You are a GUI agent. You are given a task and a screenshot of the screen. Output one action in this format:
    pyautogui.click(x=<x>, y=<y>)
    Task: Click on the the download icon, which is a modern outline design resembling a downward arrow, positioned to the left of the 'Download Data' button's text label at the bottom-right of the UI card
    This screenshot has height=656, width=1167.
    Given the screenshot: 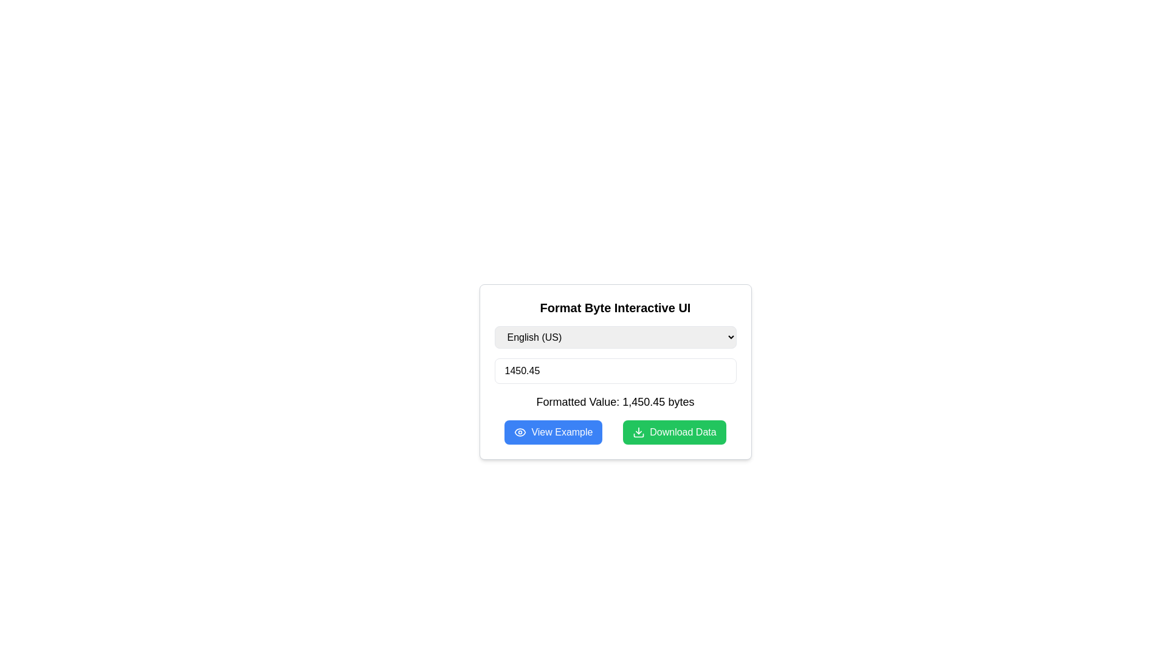 What is the action you would take?
    pyautogui.click(x=638, y=432)
    